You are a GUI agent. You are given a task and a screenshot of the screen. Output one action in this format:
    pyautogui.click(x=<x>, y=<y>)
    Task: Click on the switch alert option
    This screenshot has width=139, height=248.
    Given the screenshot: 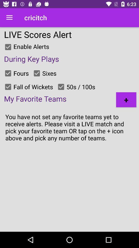 What is the action you would take?
    pyautogui.click(x=61, y=87)
    